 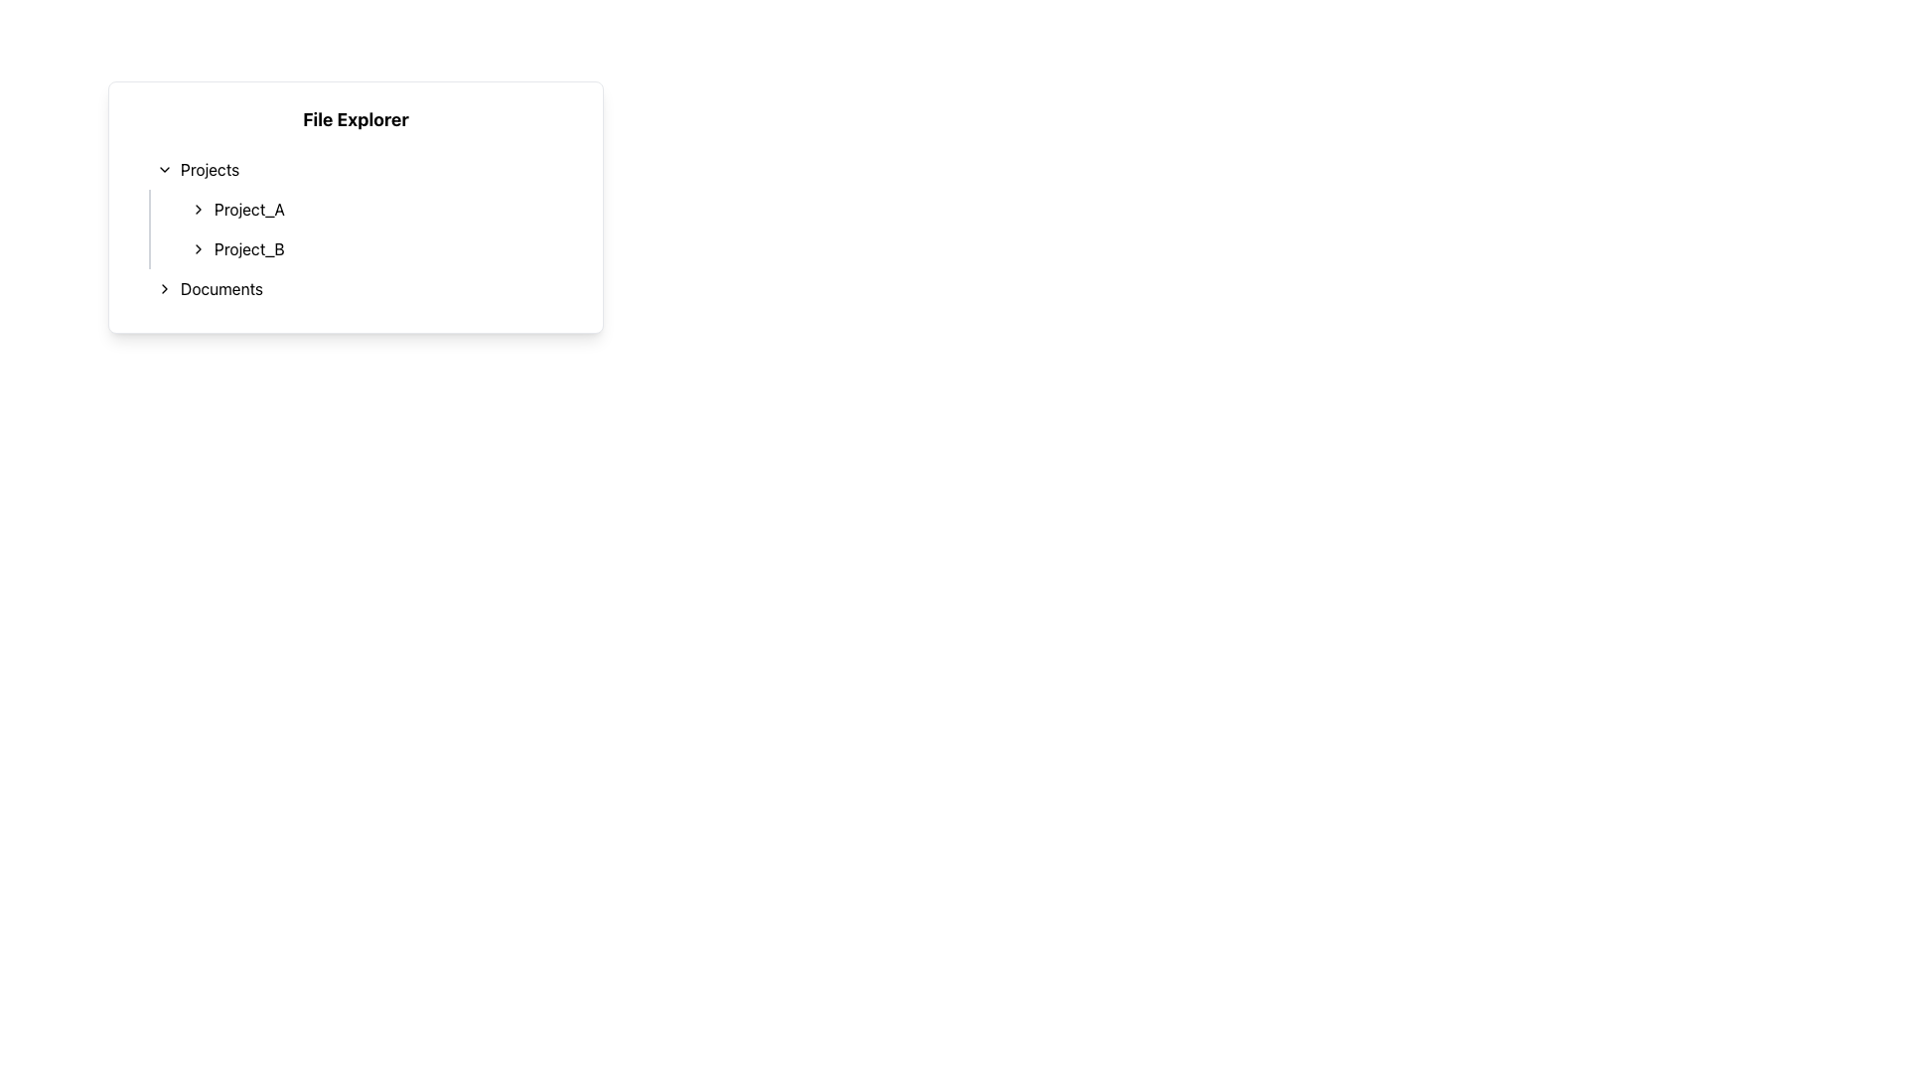 I want to click on the chevron icon located to the left of the text 'Project_B', so click(x=199, y=247).